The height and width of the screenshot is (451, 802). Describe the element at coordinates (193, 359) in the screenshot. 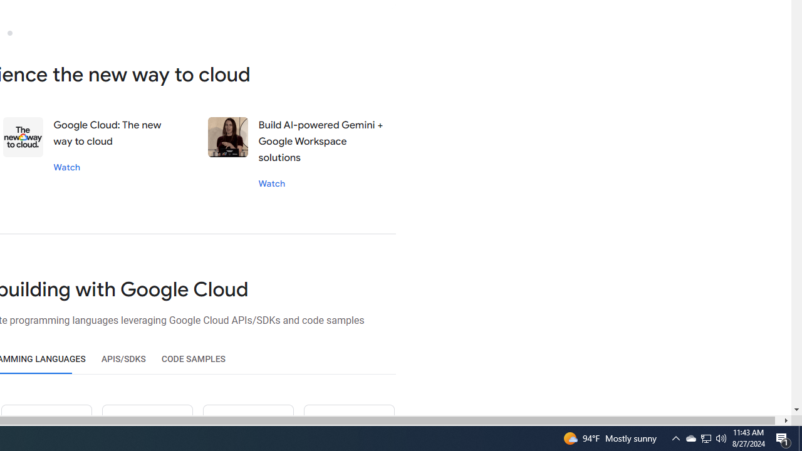

I see `'CODE SAMPLES'` at that location.